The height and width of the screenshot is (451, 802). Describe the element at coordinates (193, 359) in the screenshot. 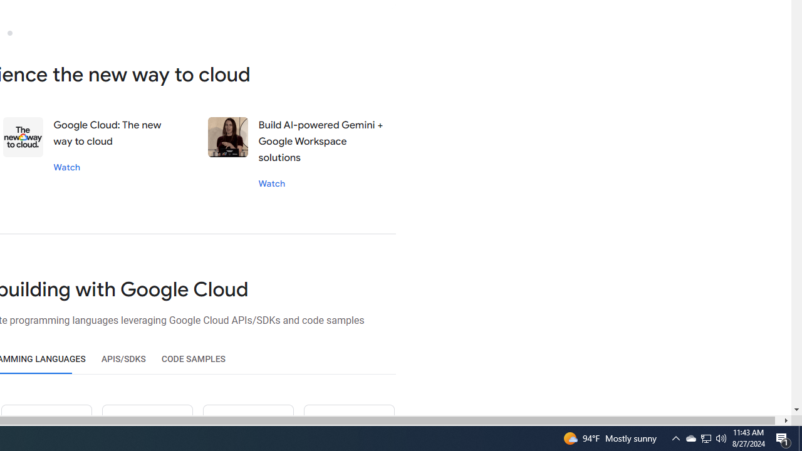

I see `'CODE SAMPLES'` at that location.